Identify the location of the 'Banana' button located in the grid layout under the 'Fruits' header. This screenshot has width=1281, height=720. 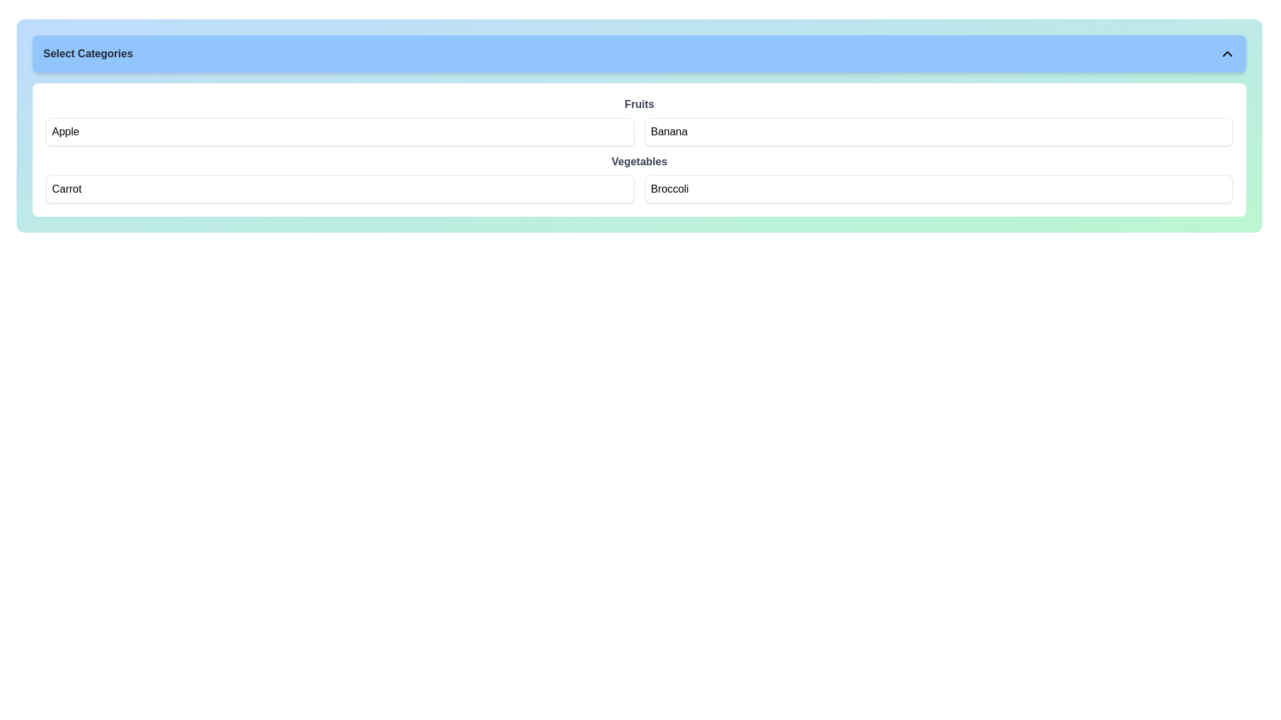
(938, 131).